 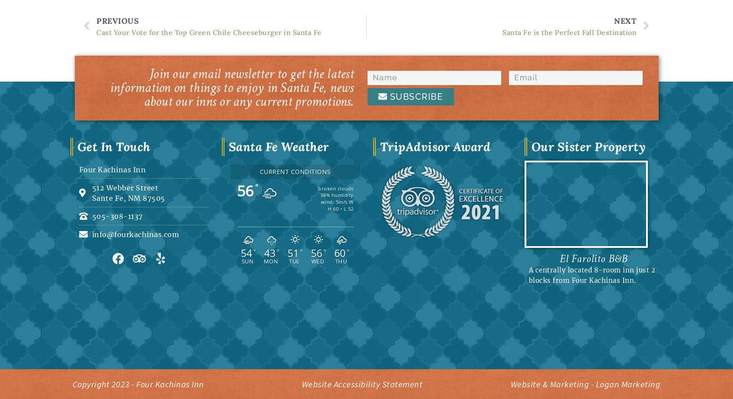 What do you see at coordinates (293, 253) in the screenshot?
I see `'51'` at bounding box center [293, 253].